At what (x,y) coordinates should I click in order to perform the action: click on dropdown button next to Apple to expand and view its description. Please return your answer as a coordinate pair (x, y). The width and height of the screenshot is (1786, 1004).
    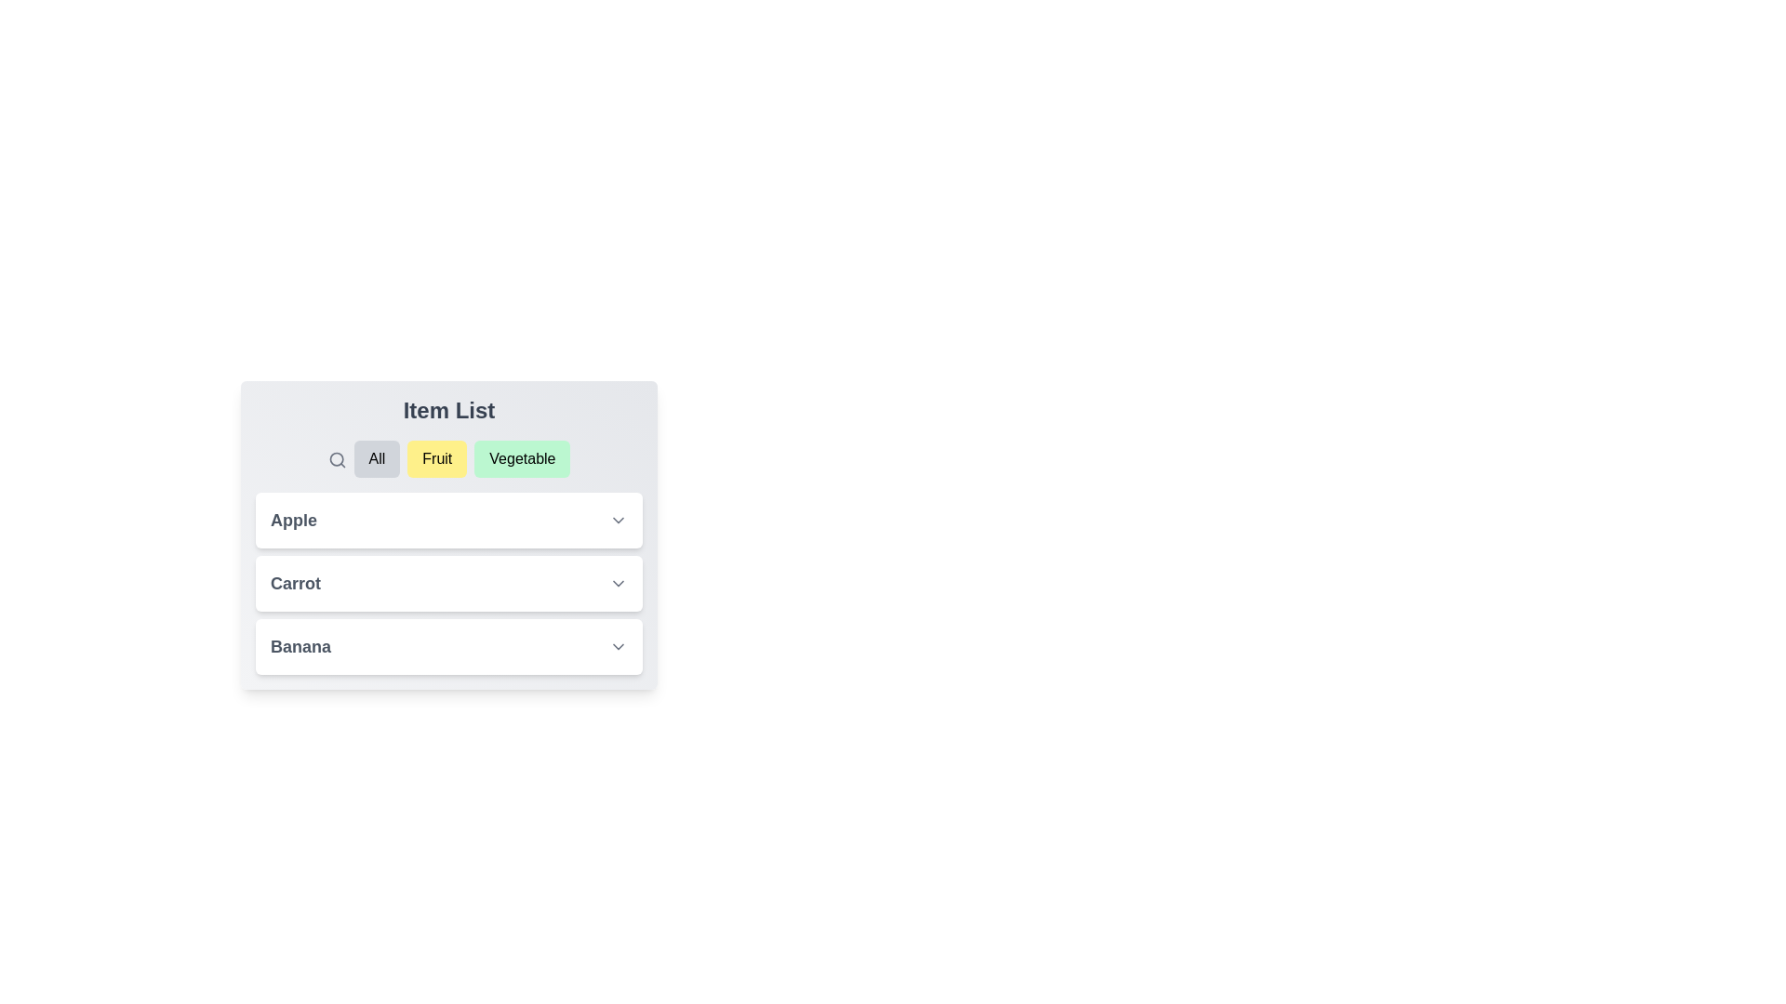
    Looking at the image, I should click on (619, 520).